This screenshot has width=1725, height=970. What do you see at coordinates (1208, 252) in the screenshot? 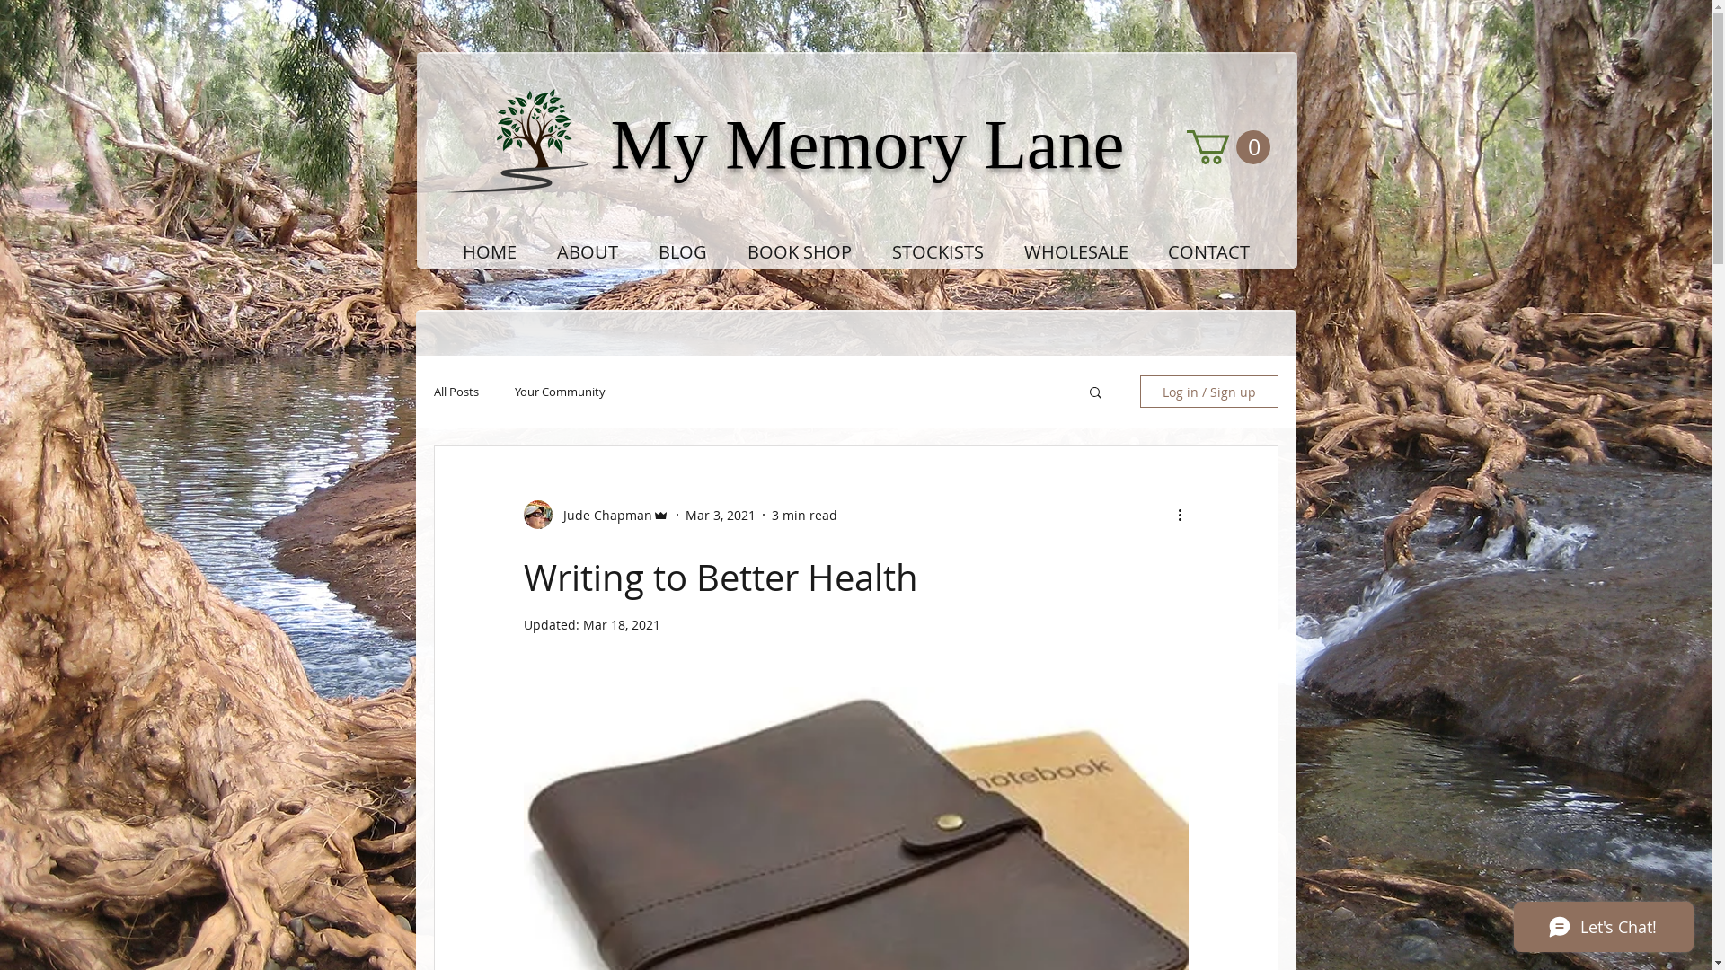
I see `'CONTACT'` at bounding box center [1208, 252].